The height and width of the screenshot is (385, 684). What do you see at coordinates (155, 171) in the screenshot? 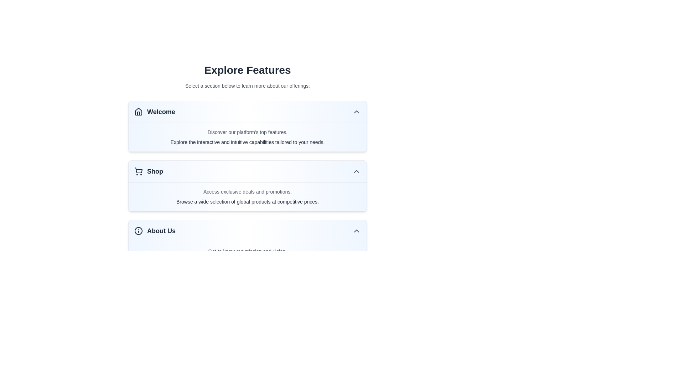
I see `the bold 'Shop' text label, which is the second option in the list beneath 'Explore Features'` at bounding box center [155, 171].